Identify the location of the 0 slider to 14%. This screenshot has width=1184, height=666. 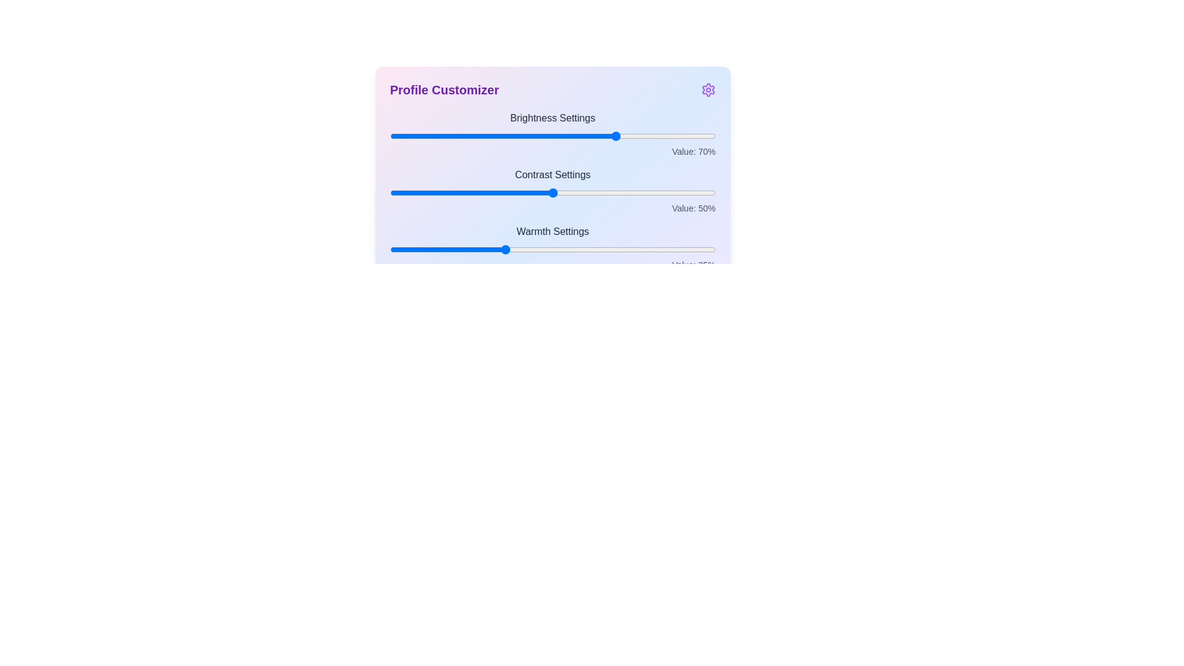
(435, 136).